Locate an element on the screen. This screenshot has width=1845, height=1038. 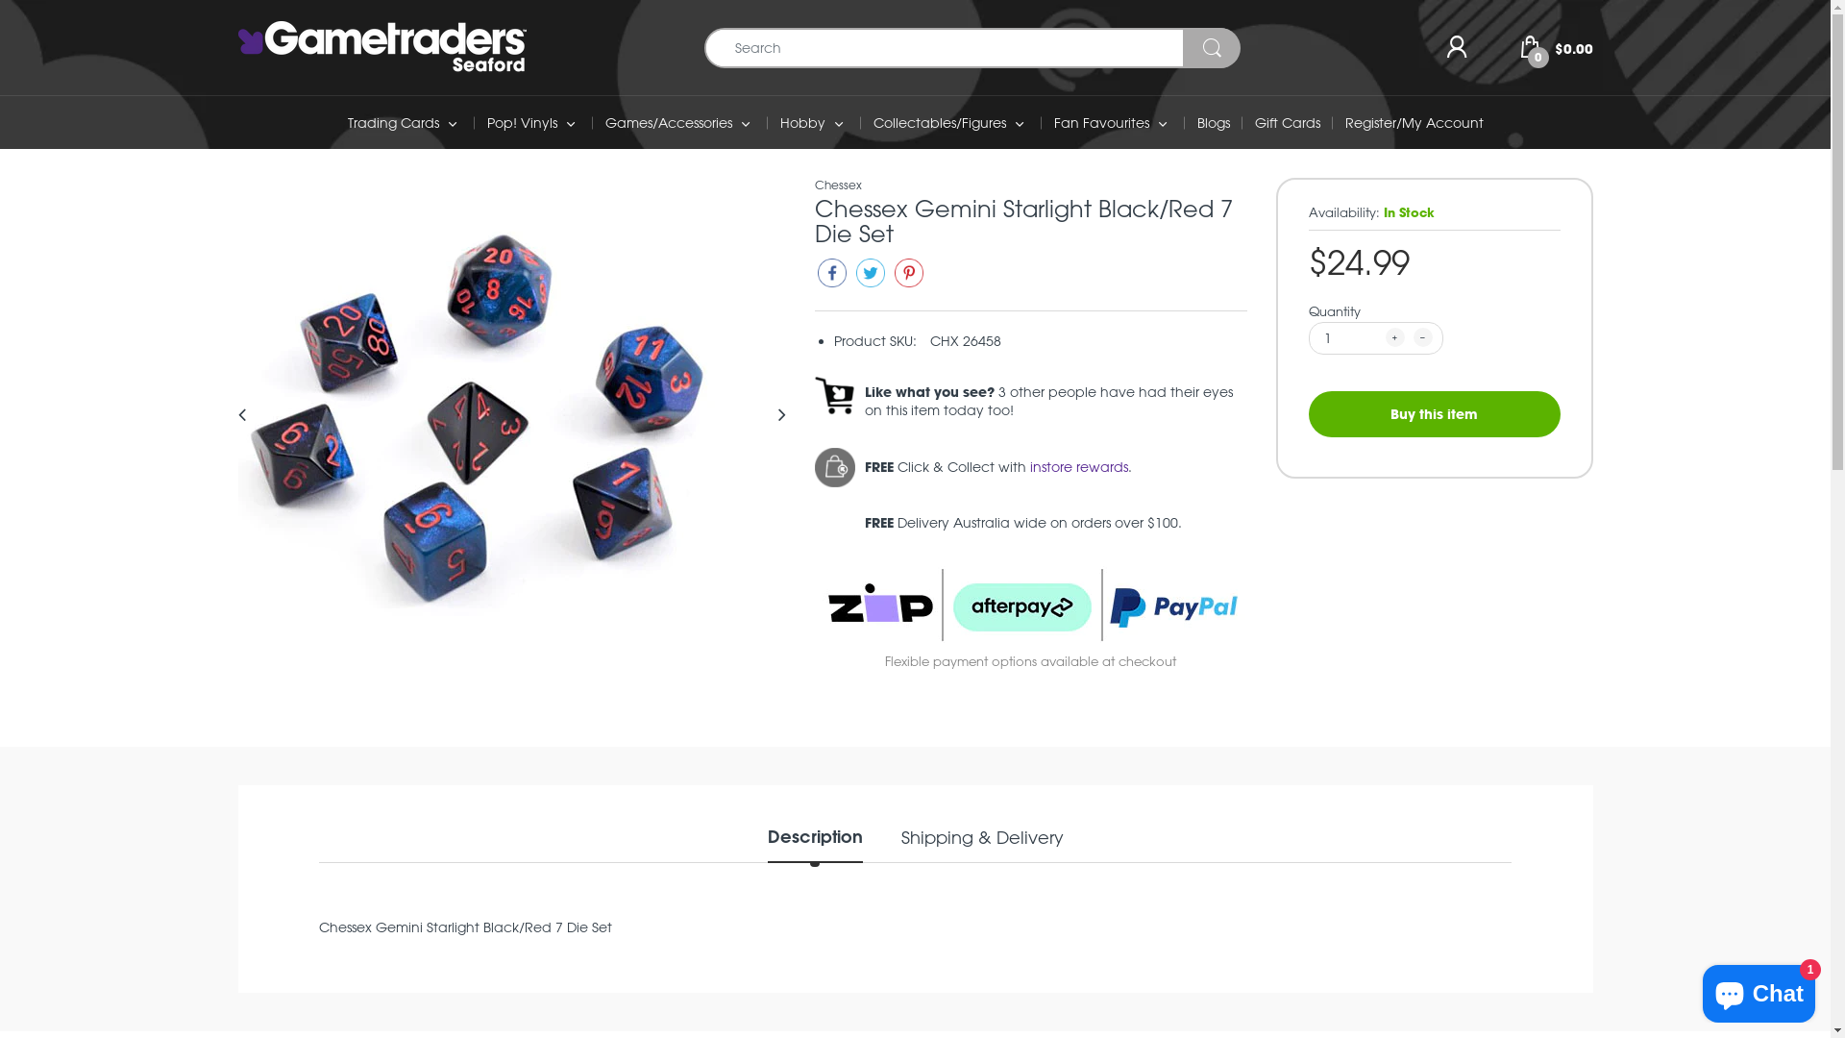
'Buy this item' is located at coordinates (1434, 411).